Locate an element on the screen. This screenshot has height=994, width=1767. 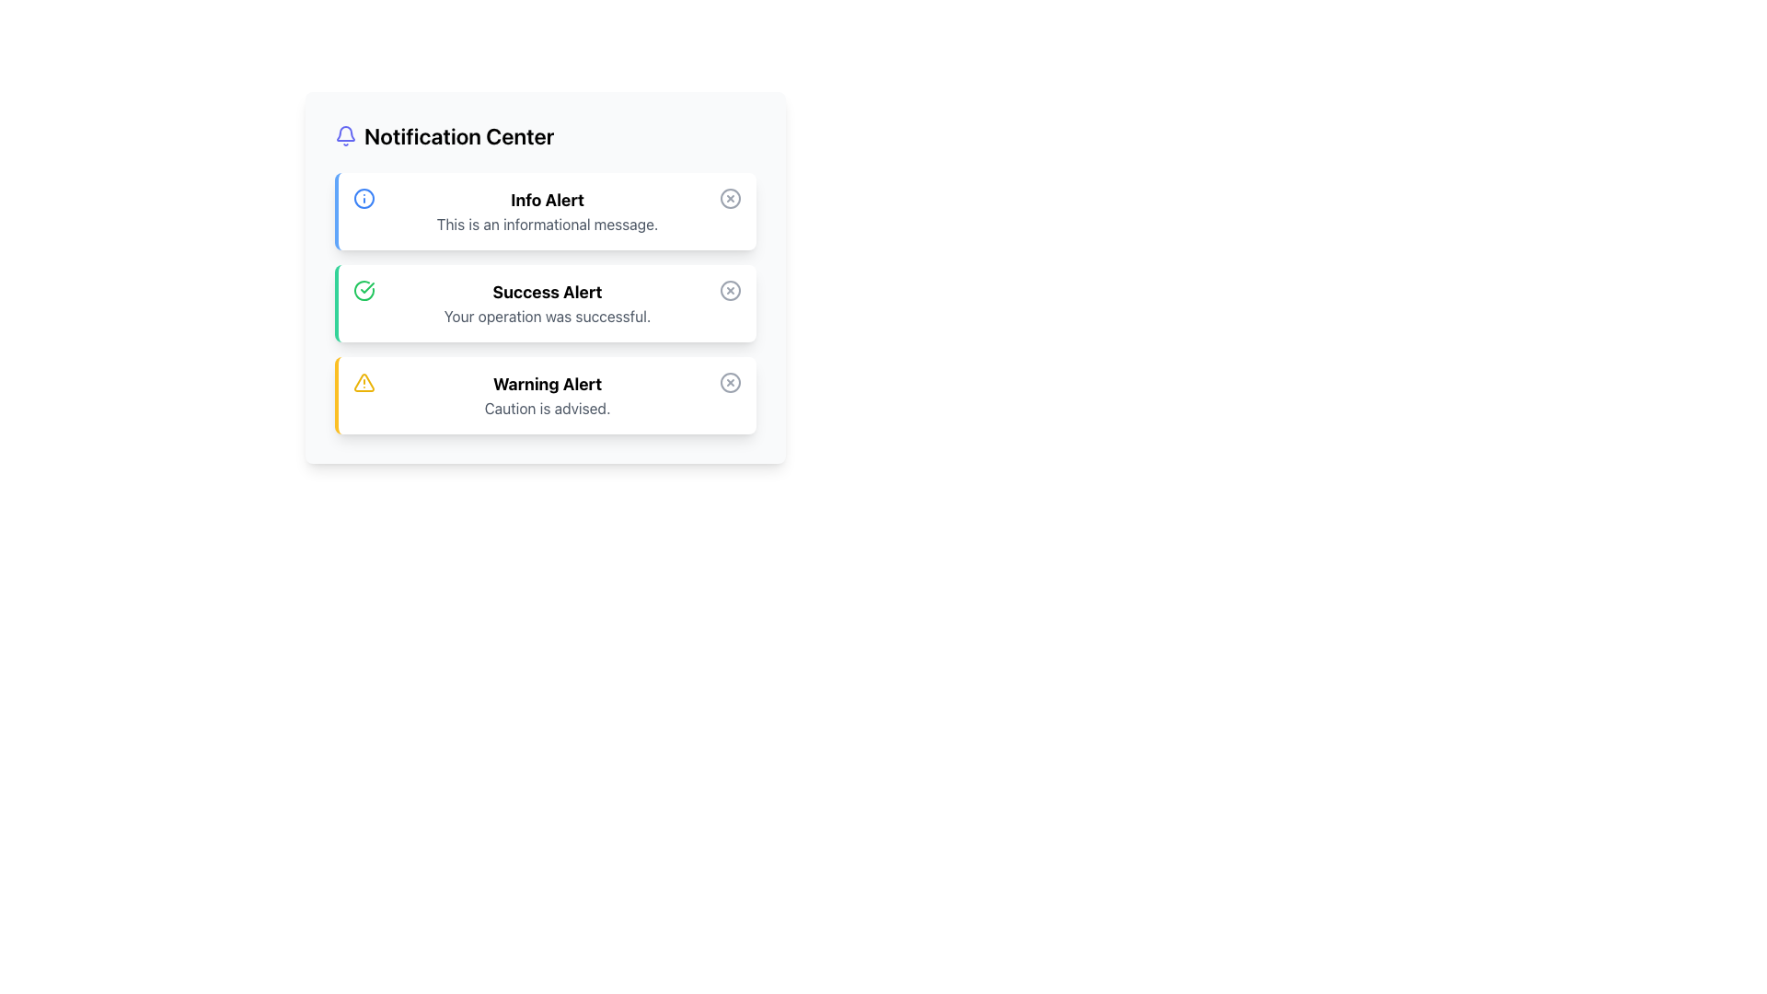
the circular graphical element that is part of the close button icon located in the 'Success Alert' section of the 'Notification Center' is located at coordinates (729, 290).